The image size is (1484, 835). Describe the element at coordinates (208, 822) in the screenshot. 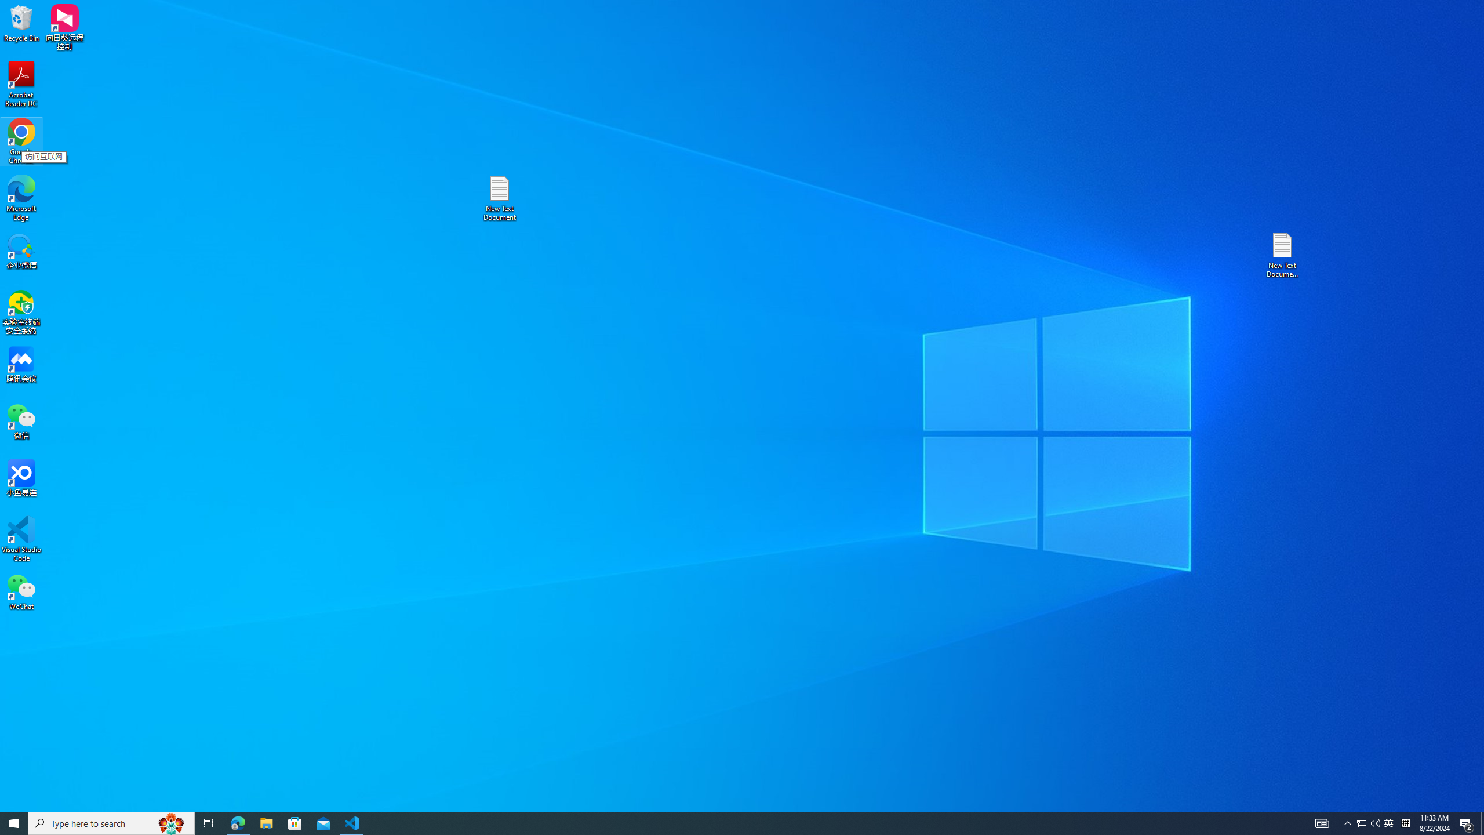

I see `'Task View'` at that location.